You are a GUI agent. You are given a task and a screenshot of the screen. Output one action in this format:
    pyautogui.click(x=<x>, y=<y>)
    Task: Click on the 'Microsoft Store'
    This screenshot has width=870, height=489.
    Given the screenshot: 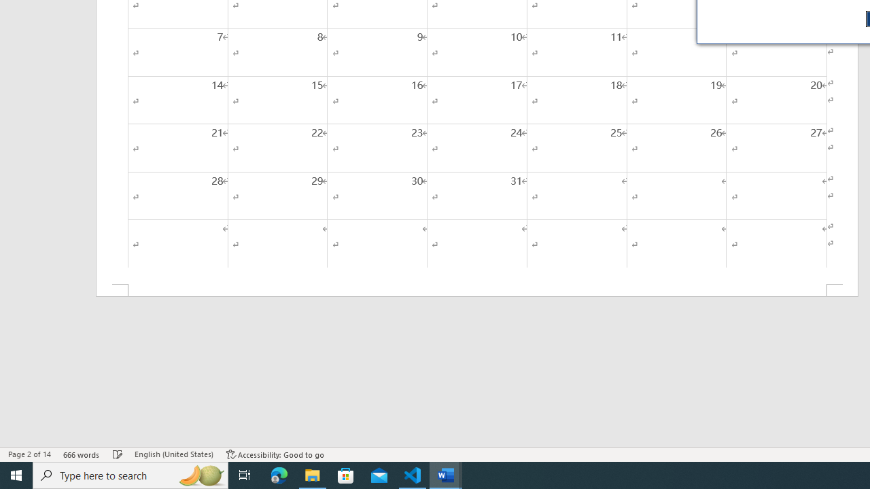 What is the action you would take?
    pyautogui.click(x=346, y=474)
    